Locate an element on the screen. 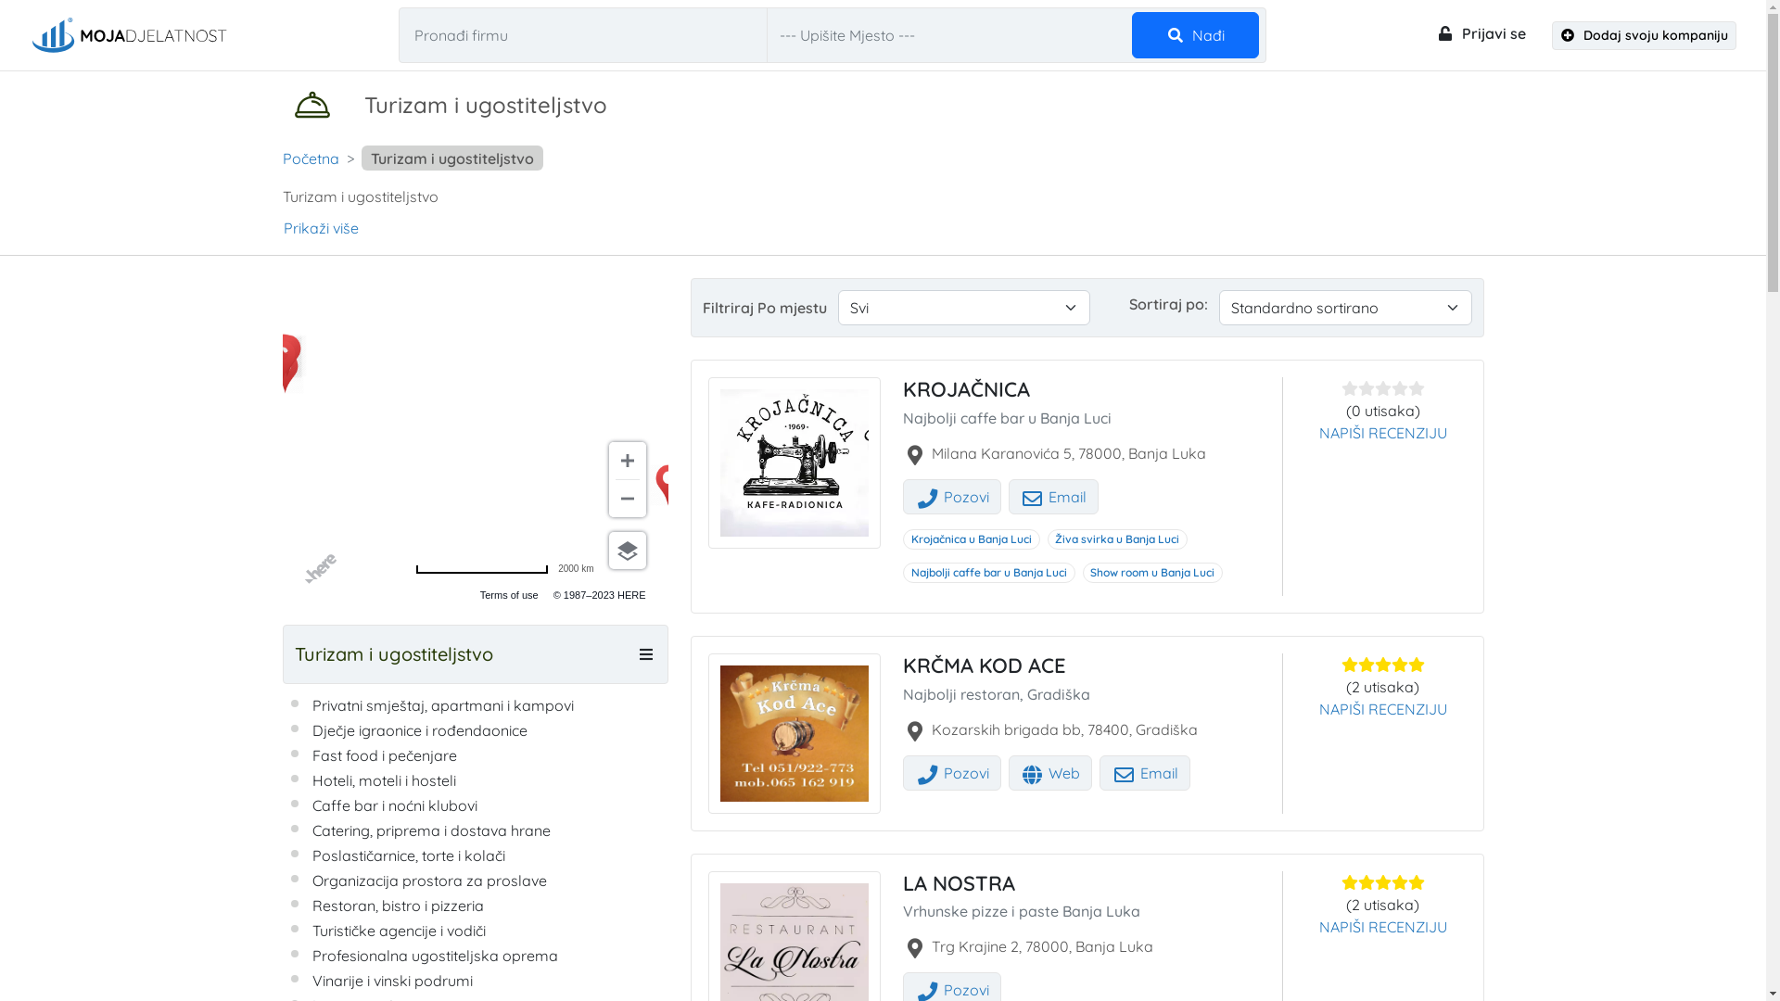  'Email' is located at coordinates (1008, 496).